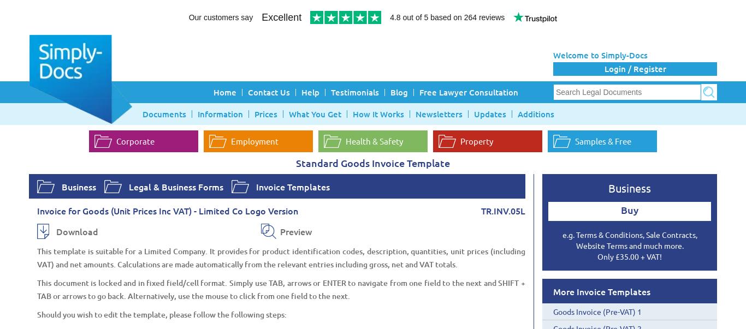  What do you see at coordinates (597, 311) in the screenshot?
I see `'Goods Invoice (Pre-VAT) 1'` at bounding box center [597, 311].